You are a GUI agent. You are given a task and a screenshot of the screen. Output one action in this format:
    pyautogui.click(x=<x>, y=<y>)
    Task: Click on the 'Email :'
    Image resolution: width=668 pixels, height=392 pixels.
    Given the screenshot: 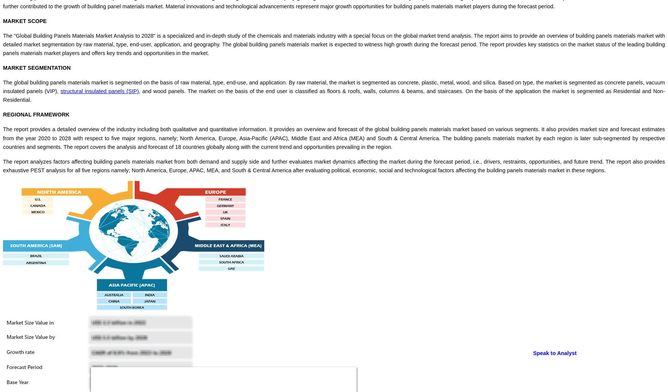 What is the action you would take?
    pyautogui.click(x=32, y=380)
    